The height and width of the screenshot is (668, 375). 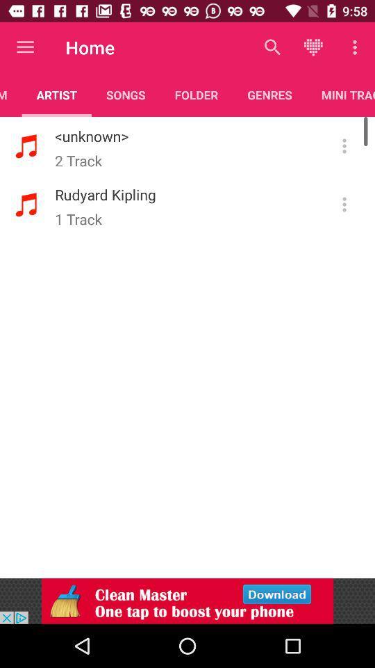 I want to click on advertisement, so click(x=187, y=601).